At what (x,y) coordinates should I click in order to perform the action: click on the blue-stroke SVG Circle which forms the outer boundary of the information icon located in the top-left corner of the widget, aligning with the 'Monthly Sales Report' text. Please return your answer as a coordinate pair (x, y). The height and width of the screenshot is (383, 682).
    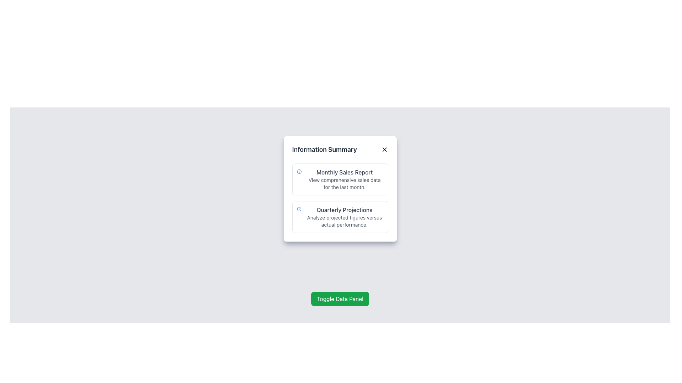
    Looking at the image, I should click on (299, 209).